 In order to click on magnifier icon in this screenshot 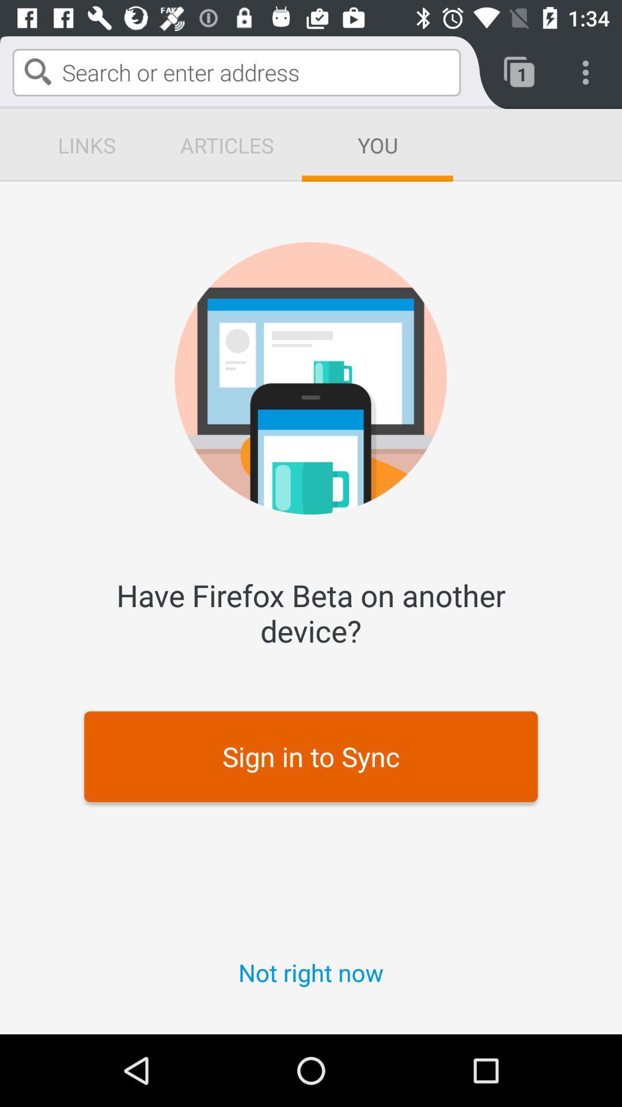, I will do `click(37, 71)`.